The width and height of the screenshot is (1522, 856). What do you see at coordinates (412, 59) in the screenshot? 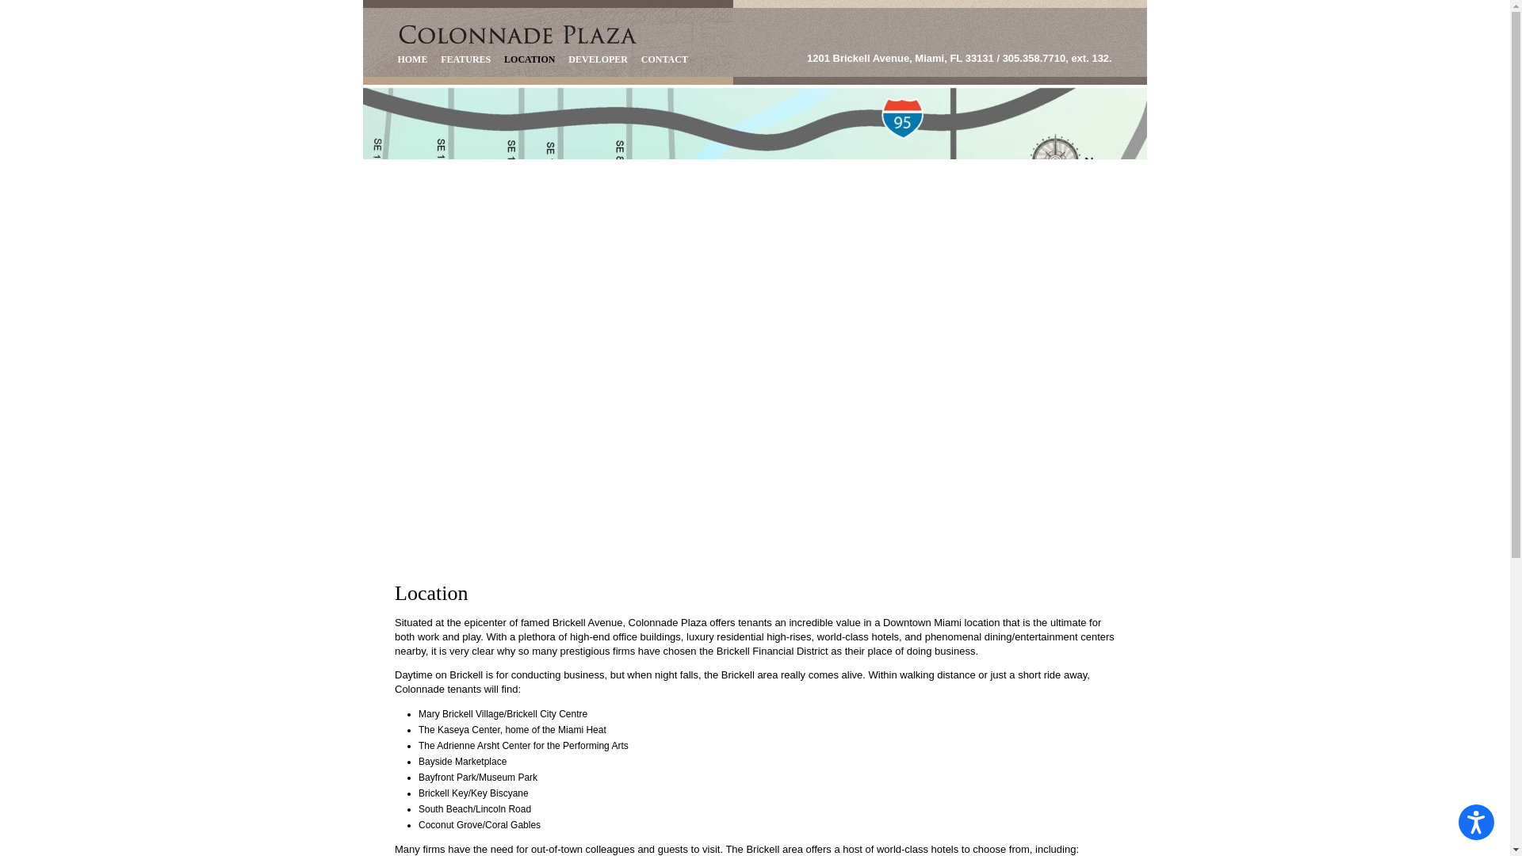
I see `'HOME'` at bounding box center [412, 59].